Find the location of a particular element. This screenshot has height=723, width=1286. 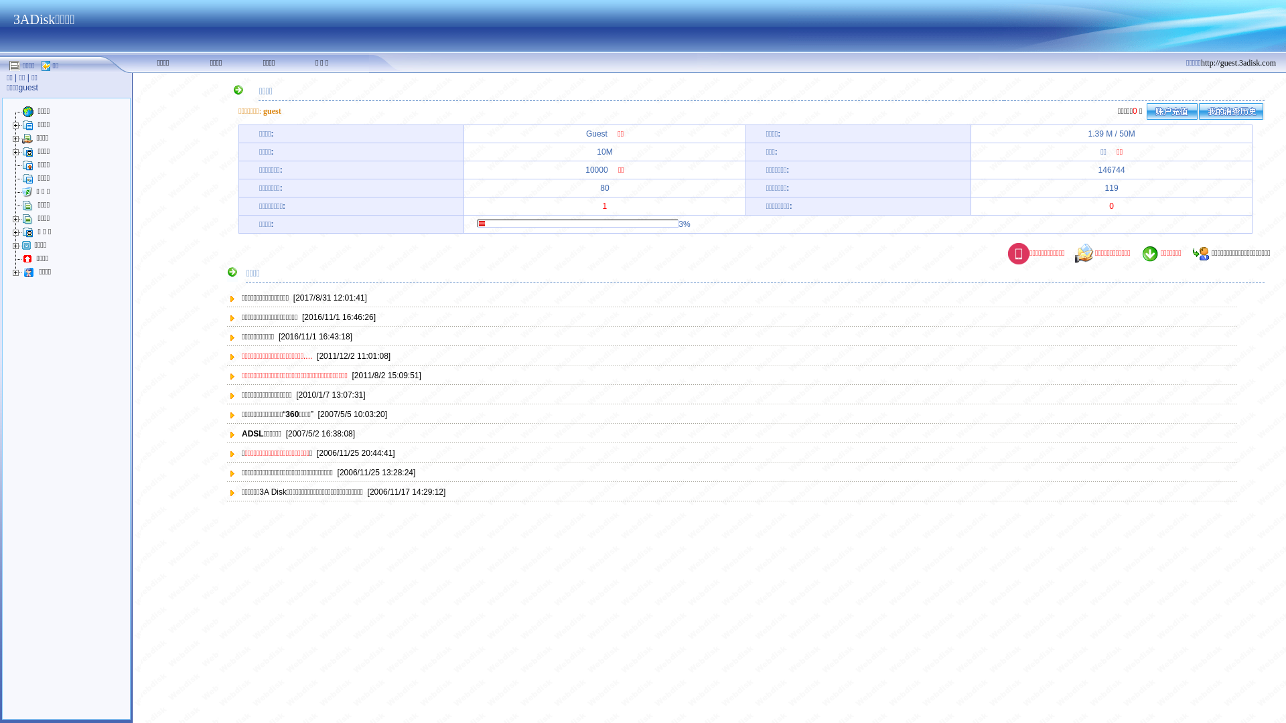

'http://guest.3adisk.com' is located at coordinates (1237, 62).